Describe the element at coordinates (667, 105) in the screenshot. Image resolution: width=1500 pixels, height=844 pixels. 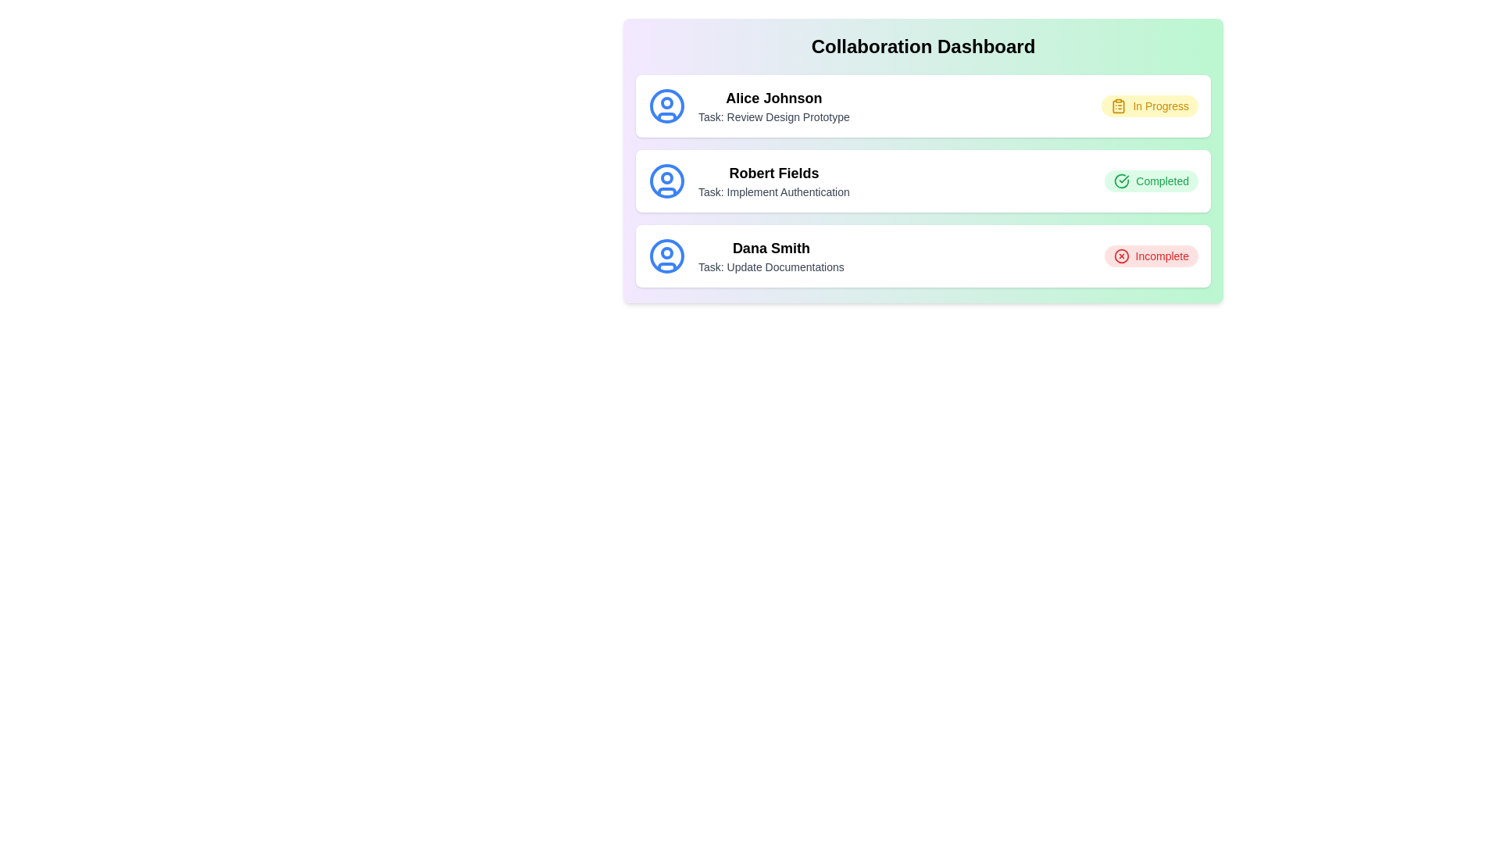
I see `the avatar of Alice Johnson to view their information` at that location.